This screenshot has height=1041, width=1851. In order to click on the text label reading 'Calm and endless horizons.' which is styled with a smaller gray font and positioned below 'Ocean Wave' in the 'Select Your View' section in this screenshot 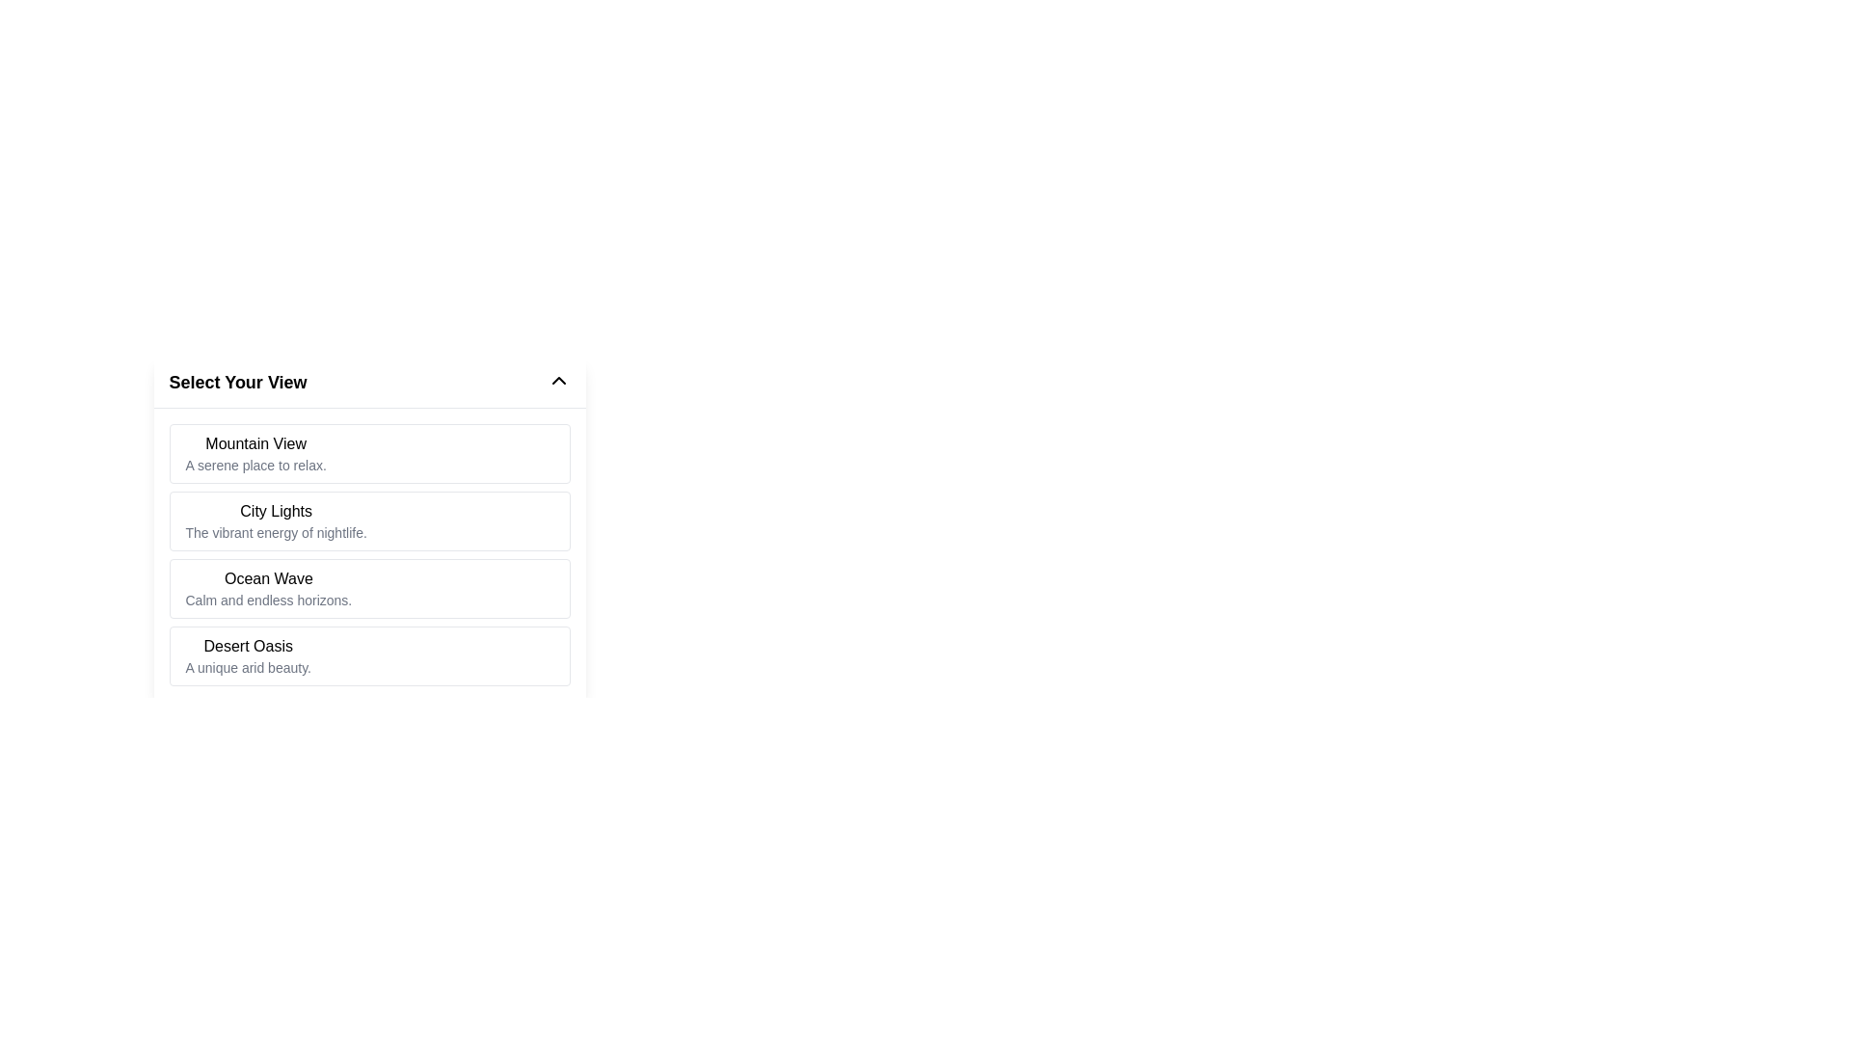, I will do `click(267, 600)`.